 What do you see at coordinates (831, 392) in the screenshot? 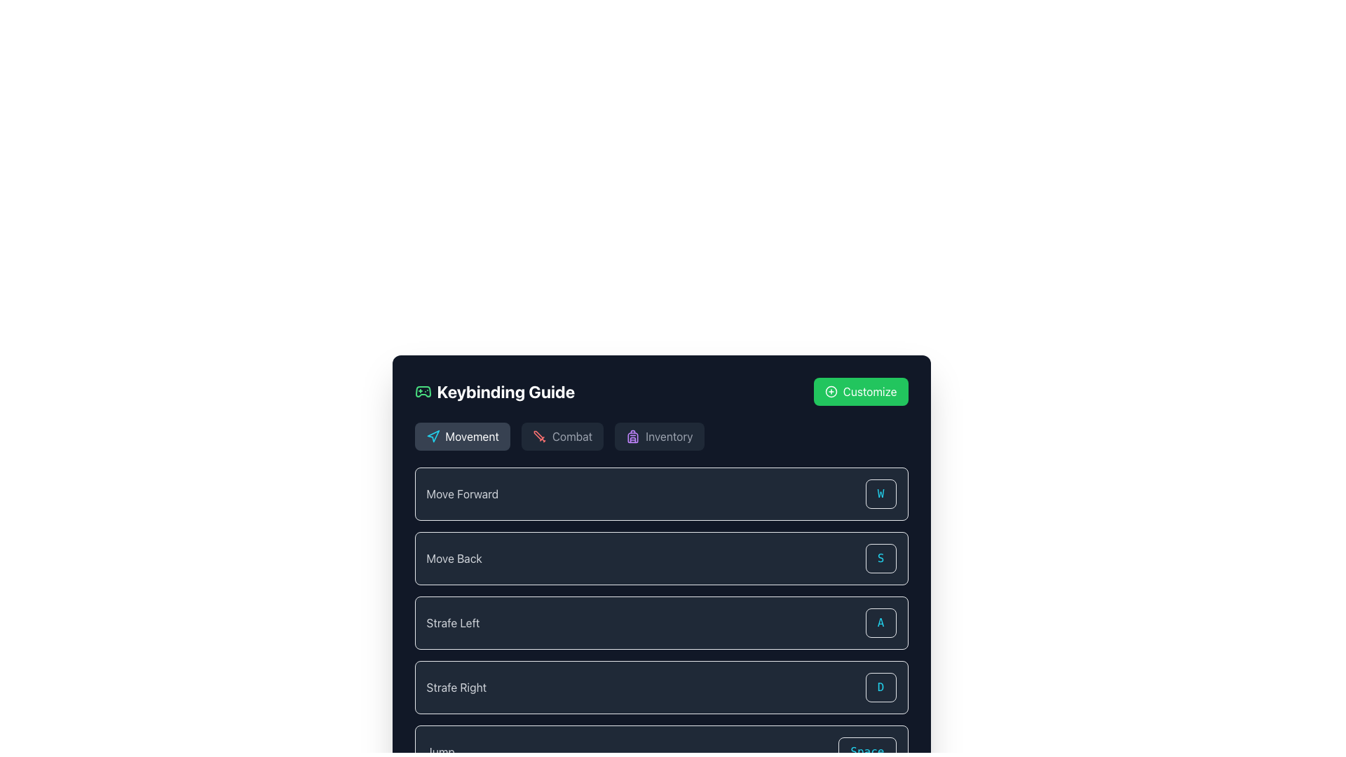
I see `the circular icon with a plus symbol located to the left of the 'Customize' text within a green rectangular button at the top-right corner of the interface` at bounding box center [831, 392].